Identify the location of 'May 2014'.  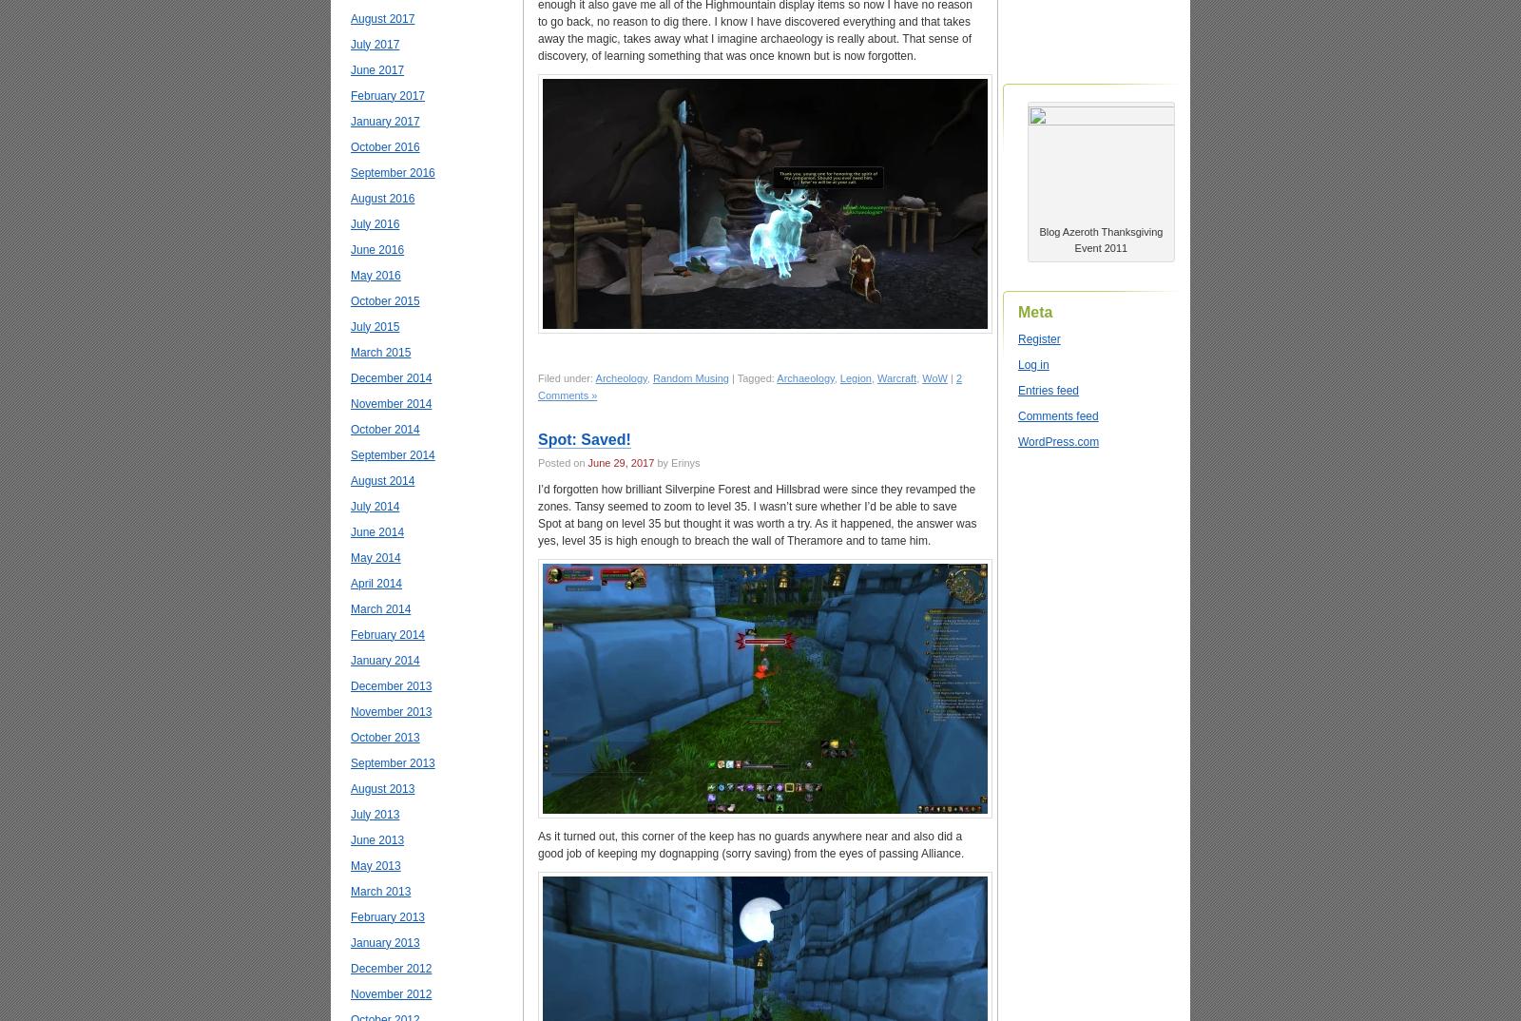
(375, 555).